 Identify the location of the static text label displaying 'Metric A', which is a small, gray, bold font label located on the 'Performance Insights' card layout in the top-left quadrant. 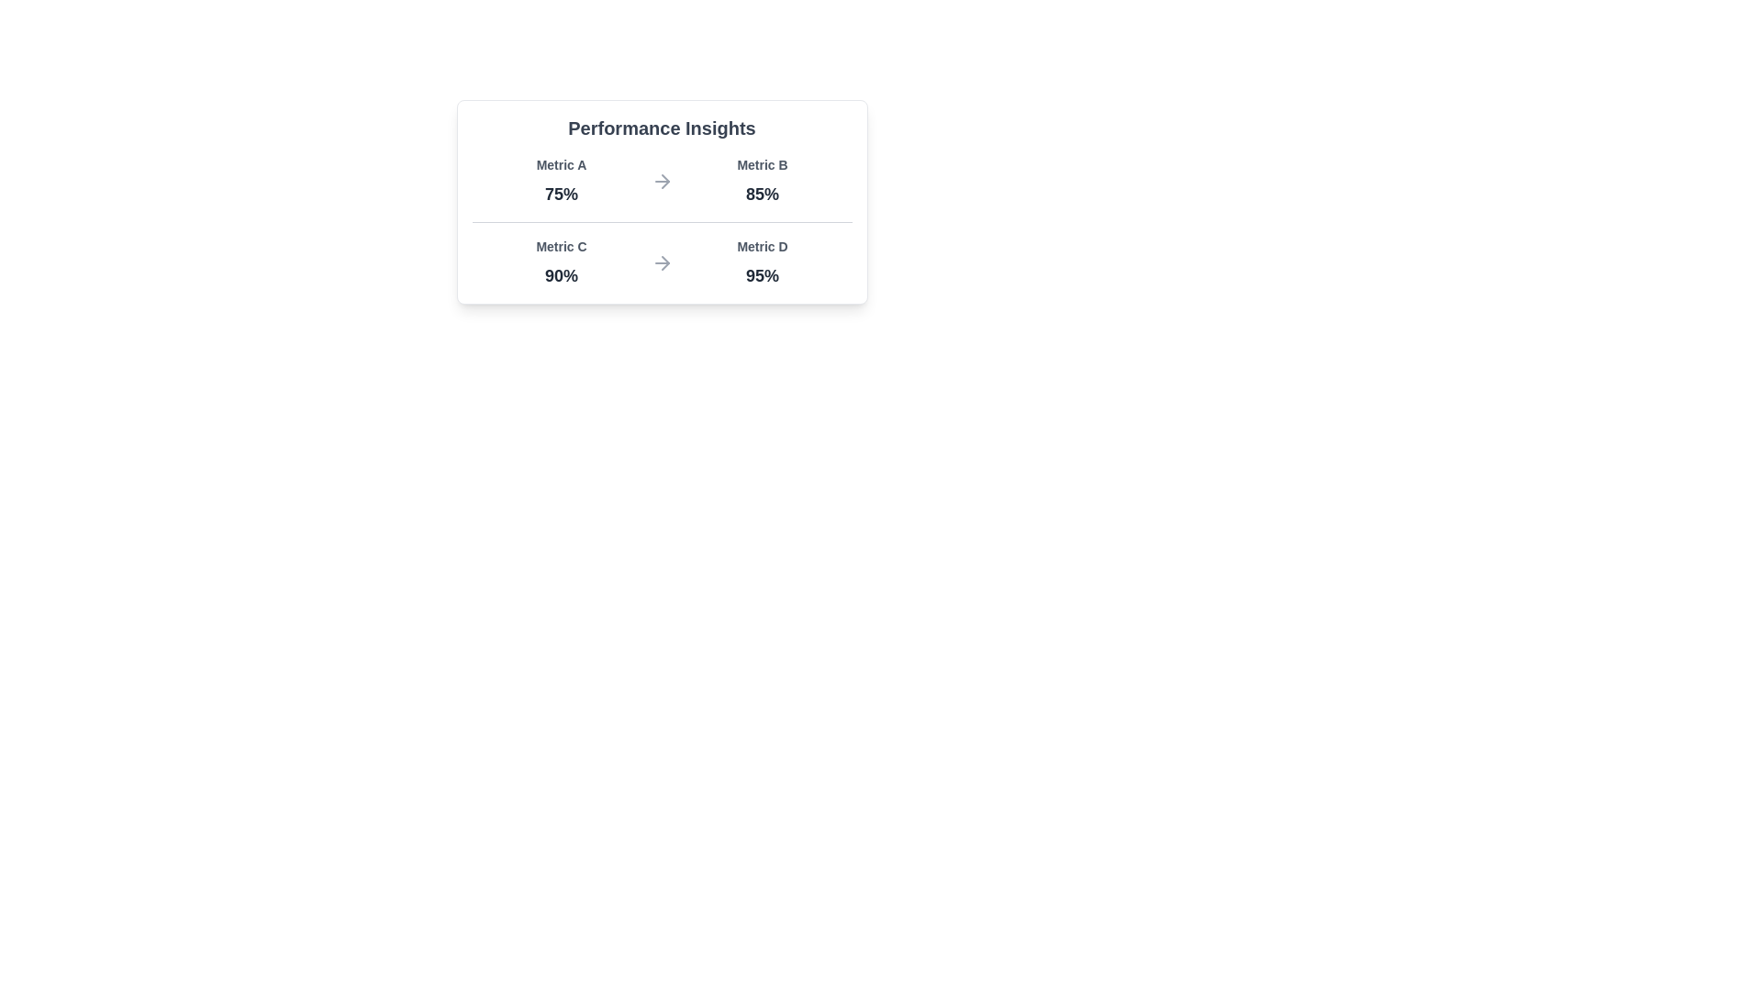
(560, 165).